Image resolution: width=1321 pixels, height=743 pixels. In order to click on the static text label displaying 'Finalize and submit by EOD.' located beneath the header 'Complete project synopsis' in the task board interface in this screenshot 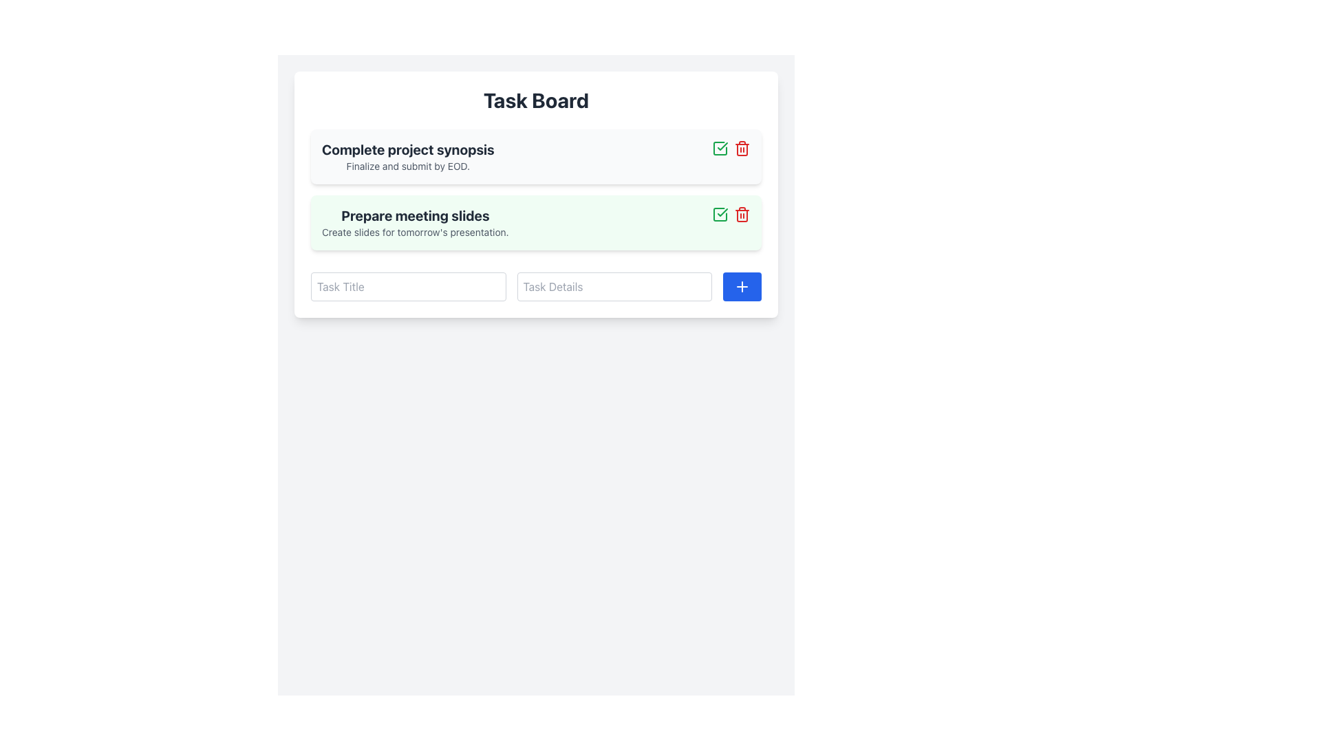, I will do `click(407, 166)`.